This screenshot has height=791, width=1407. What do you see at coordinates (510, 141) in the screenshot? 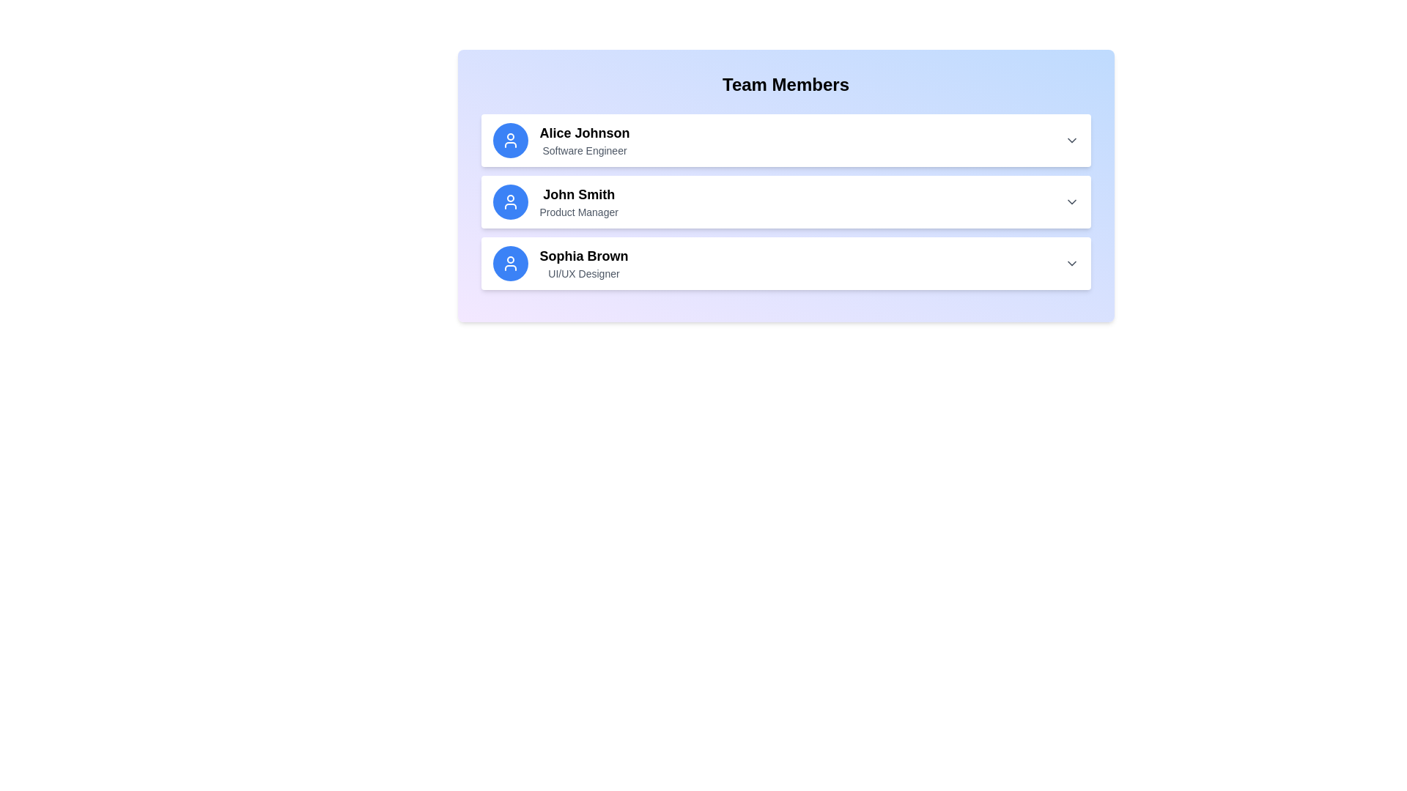
I see `the circular Avatar icon with a blue background and a white user profile symbol, which represents 'Alice Johnson', a Software Engineer` at bounding box center [510, 141].